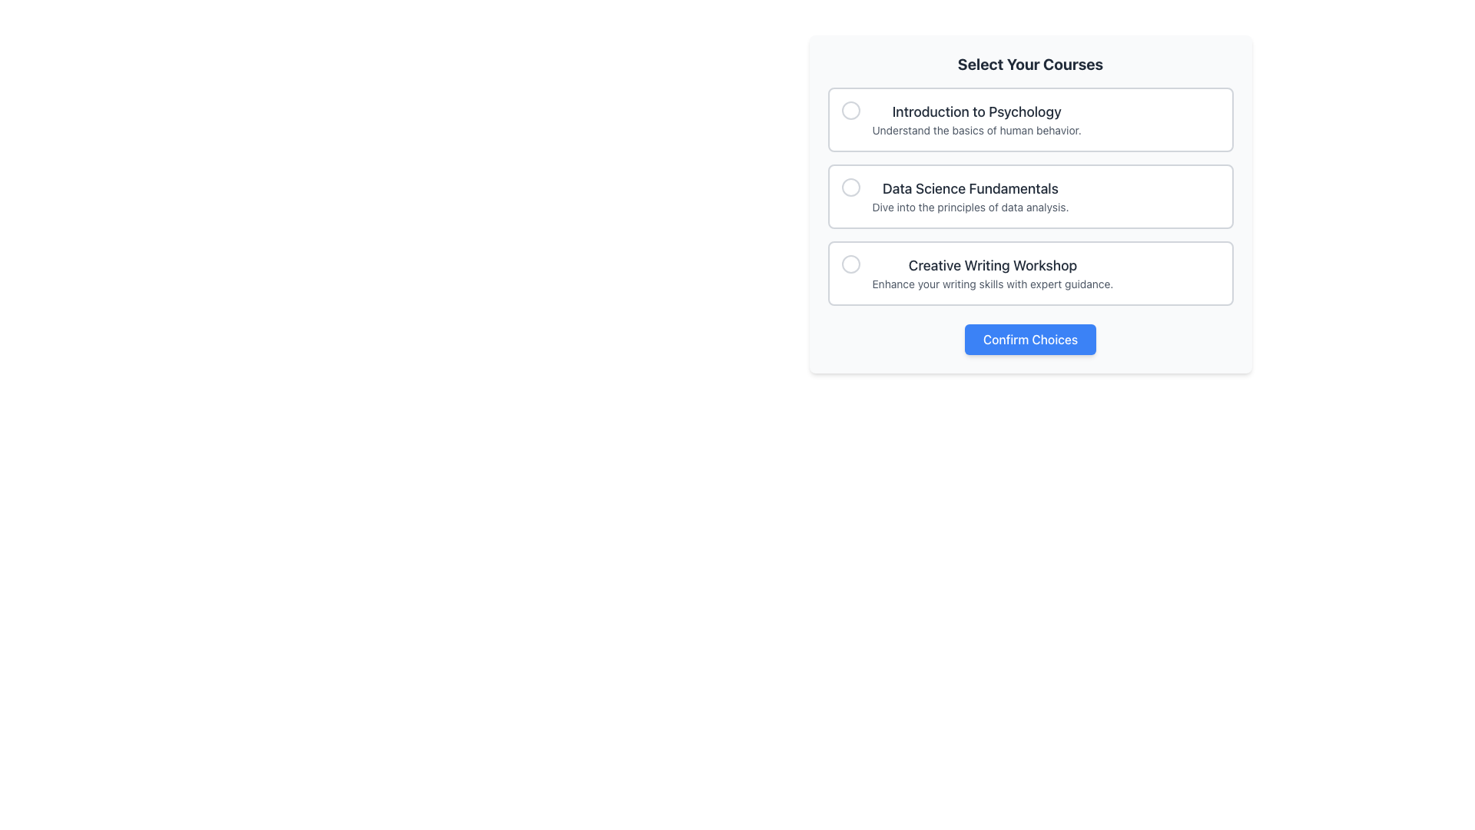 The image size is (1475, 830). What do you see at coordinates (1030, 195) in the screenshot?
I see `the selectable course option labeled 'Data Science Fundamentals'` at bounding box center [1030, 195].